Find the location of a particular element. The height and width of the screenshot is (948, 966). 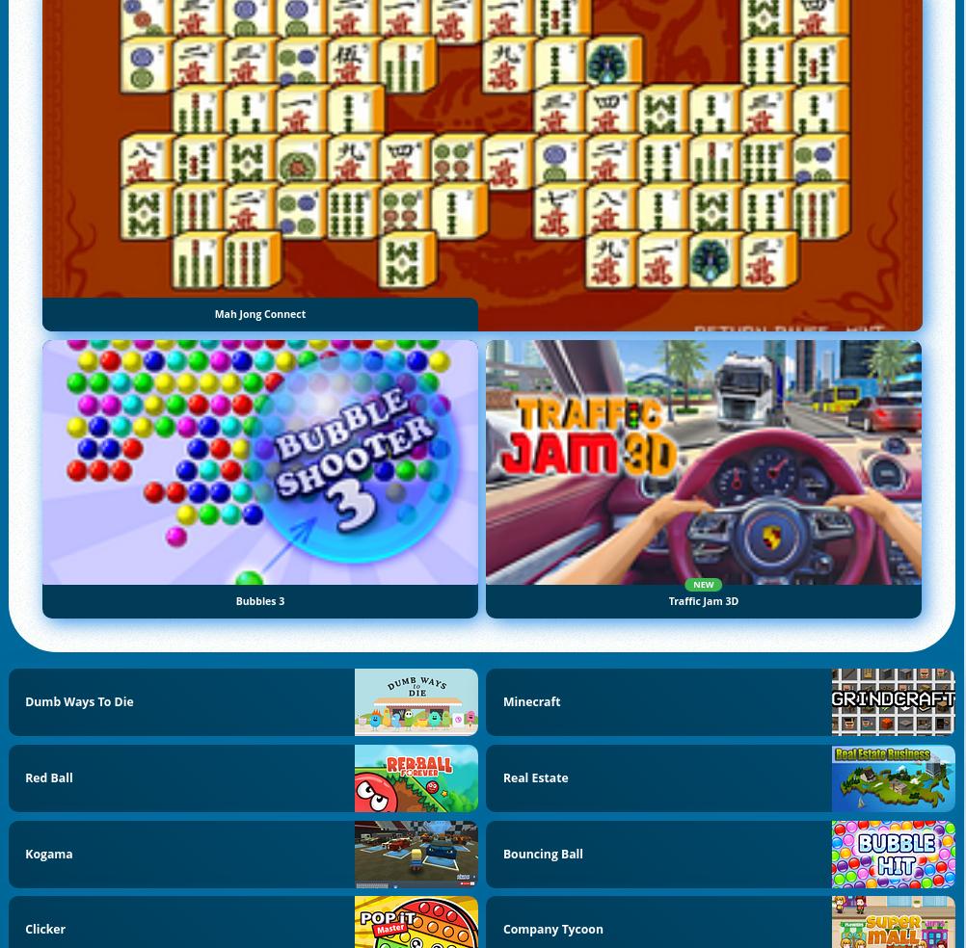

'Real Estate' is located at coordinates (535, 776).